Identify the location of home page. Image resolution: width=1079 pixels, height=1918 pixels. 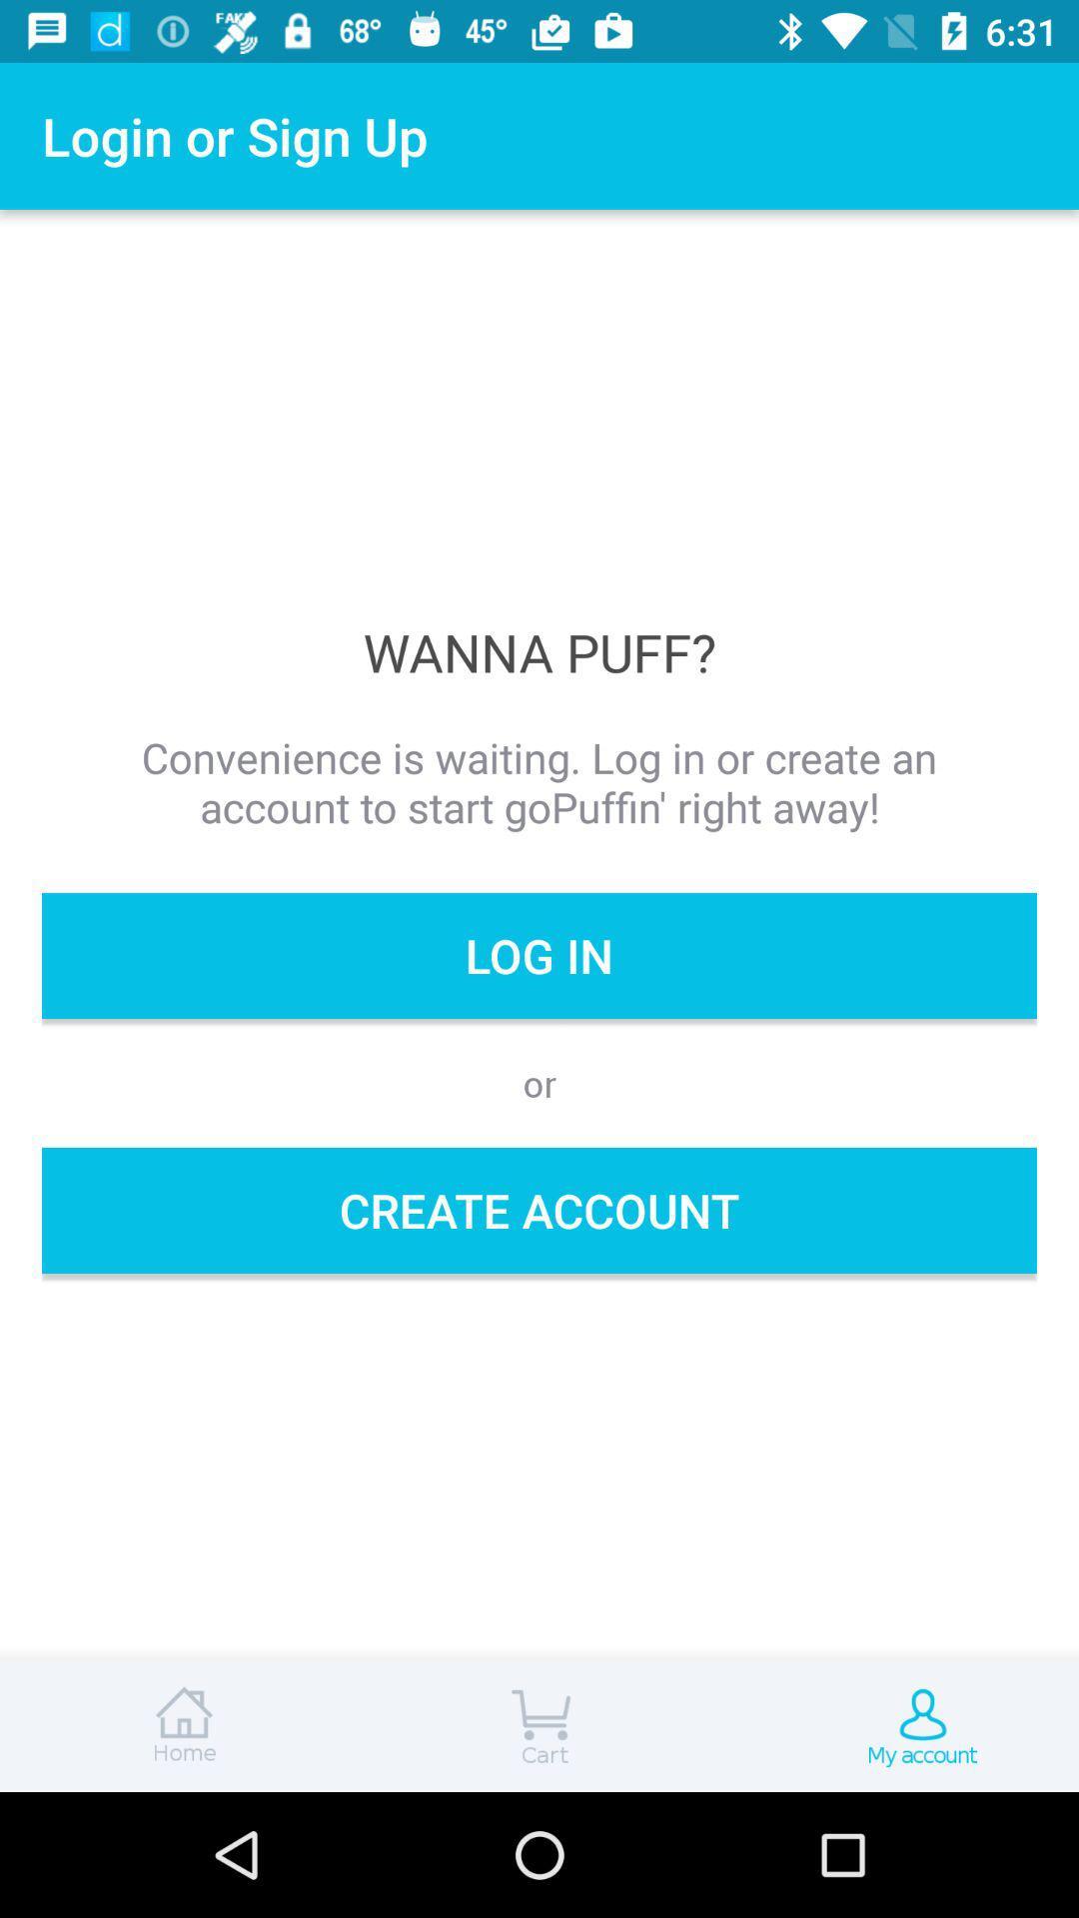
(180, 1725).